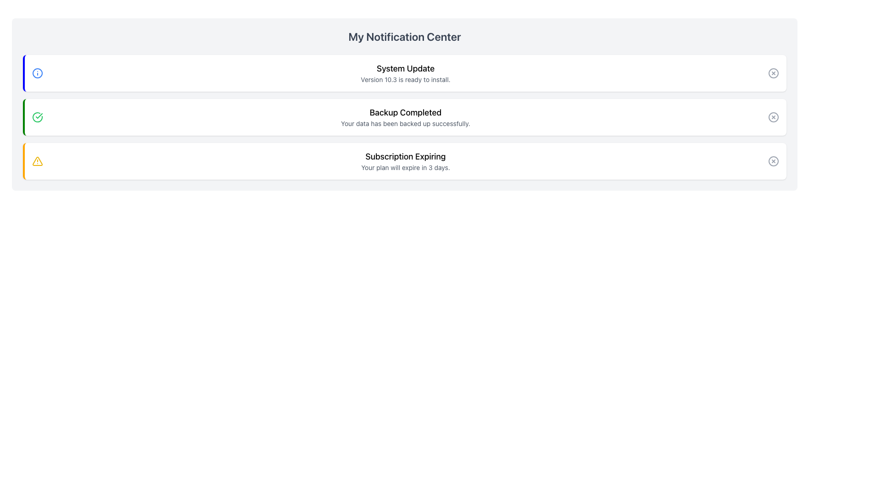 The width and height of the screenshot is (881, 495). I want to click on the triangular warning icon filled with yellow that contains an exclamation point, located to the left of the 'Subscription Expiring' notification, so click(37, 160).